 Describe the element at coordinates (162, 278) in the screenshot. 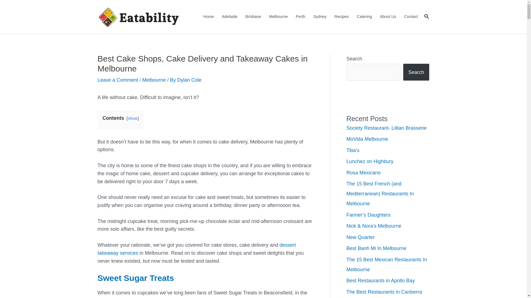

I see `'Treats'` at that location.